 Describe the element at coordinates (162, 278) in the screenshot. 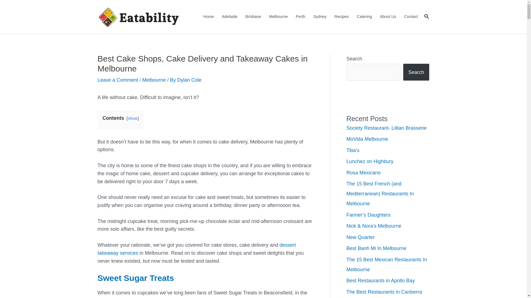

I see `'Treats'` at that location.